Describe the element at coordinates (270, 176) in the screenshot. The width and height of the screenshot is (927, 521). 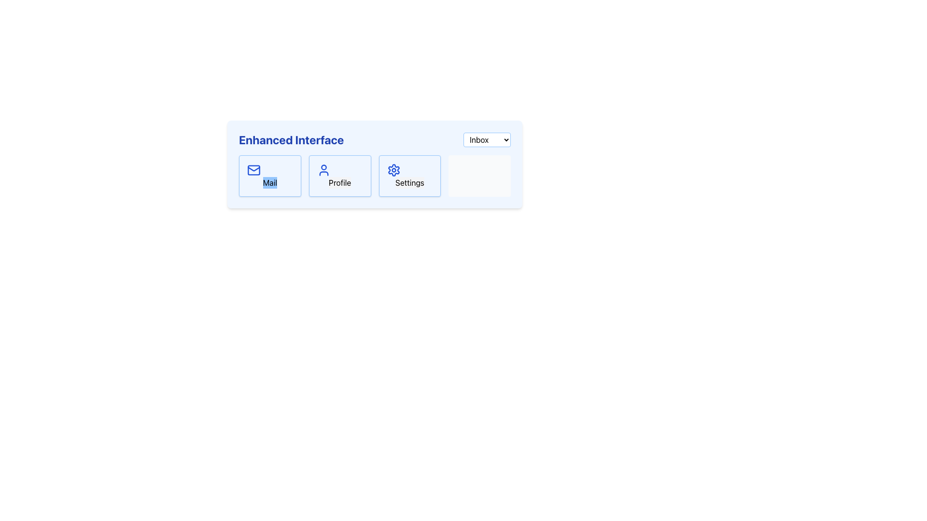
I see `the 'Mail' button, which is a rectangular box with a light blue background and a blue mail icon at the top-left, located in the top-left corner of the grid layout` at that location.